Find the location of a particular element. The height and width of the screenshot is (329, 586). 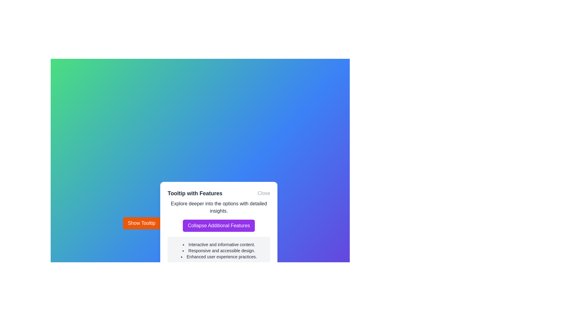

the third list item in the tooltip titled 'Tooltip with Features', which states 'Enhanced user experience practices.' is located at coordinates (219, 257).